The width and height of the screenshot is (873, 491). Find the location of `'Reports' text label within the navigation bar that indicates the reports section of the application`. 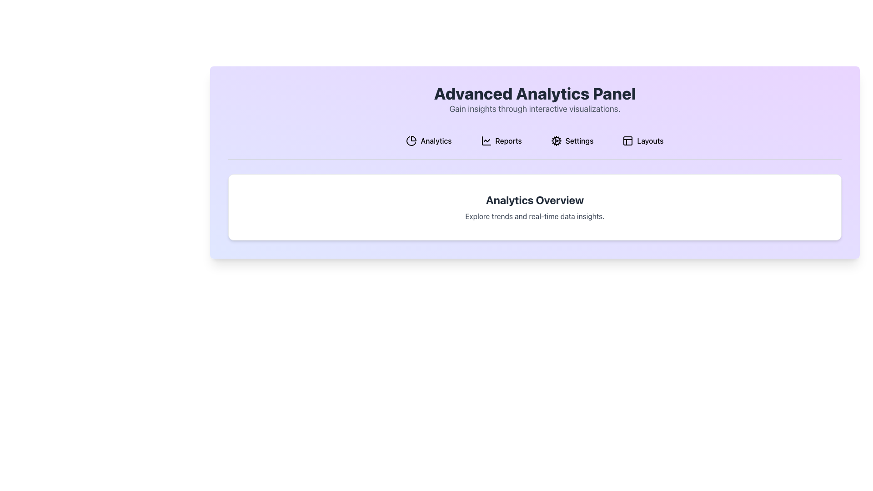

'Reports' text label within the navigation bar that indicates the reports section of the application is located at coordinates (508, 140).